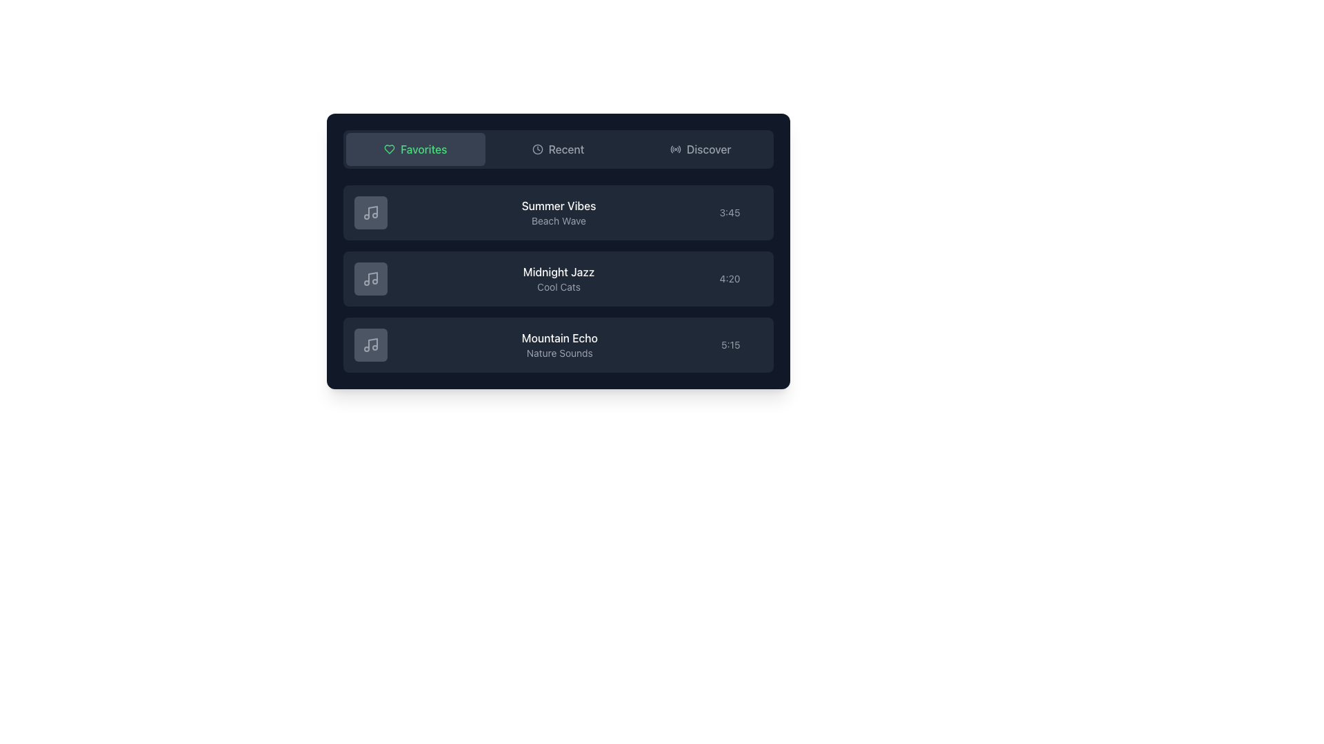 This screenshot has width=1324, height=744. Describe the element at coordinates (370, 344) in the screenshot. I see `the music-related icon located in the third row, to the left of the text 'Mountain Echo'` at that location.